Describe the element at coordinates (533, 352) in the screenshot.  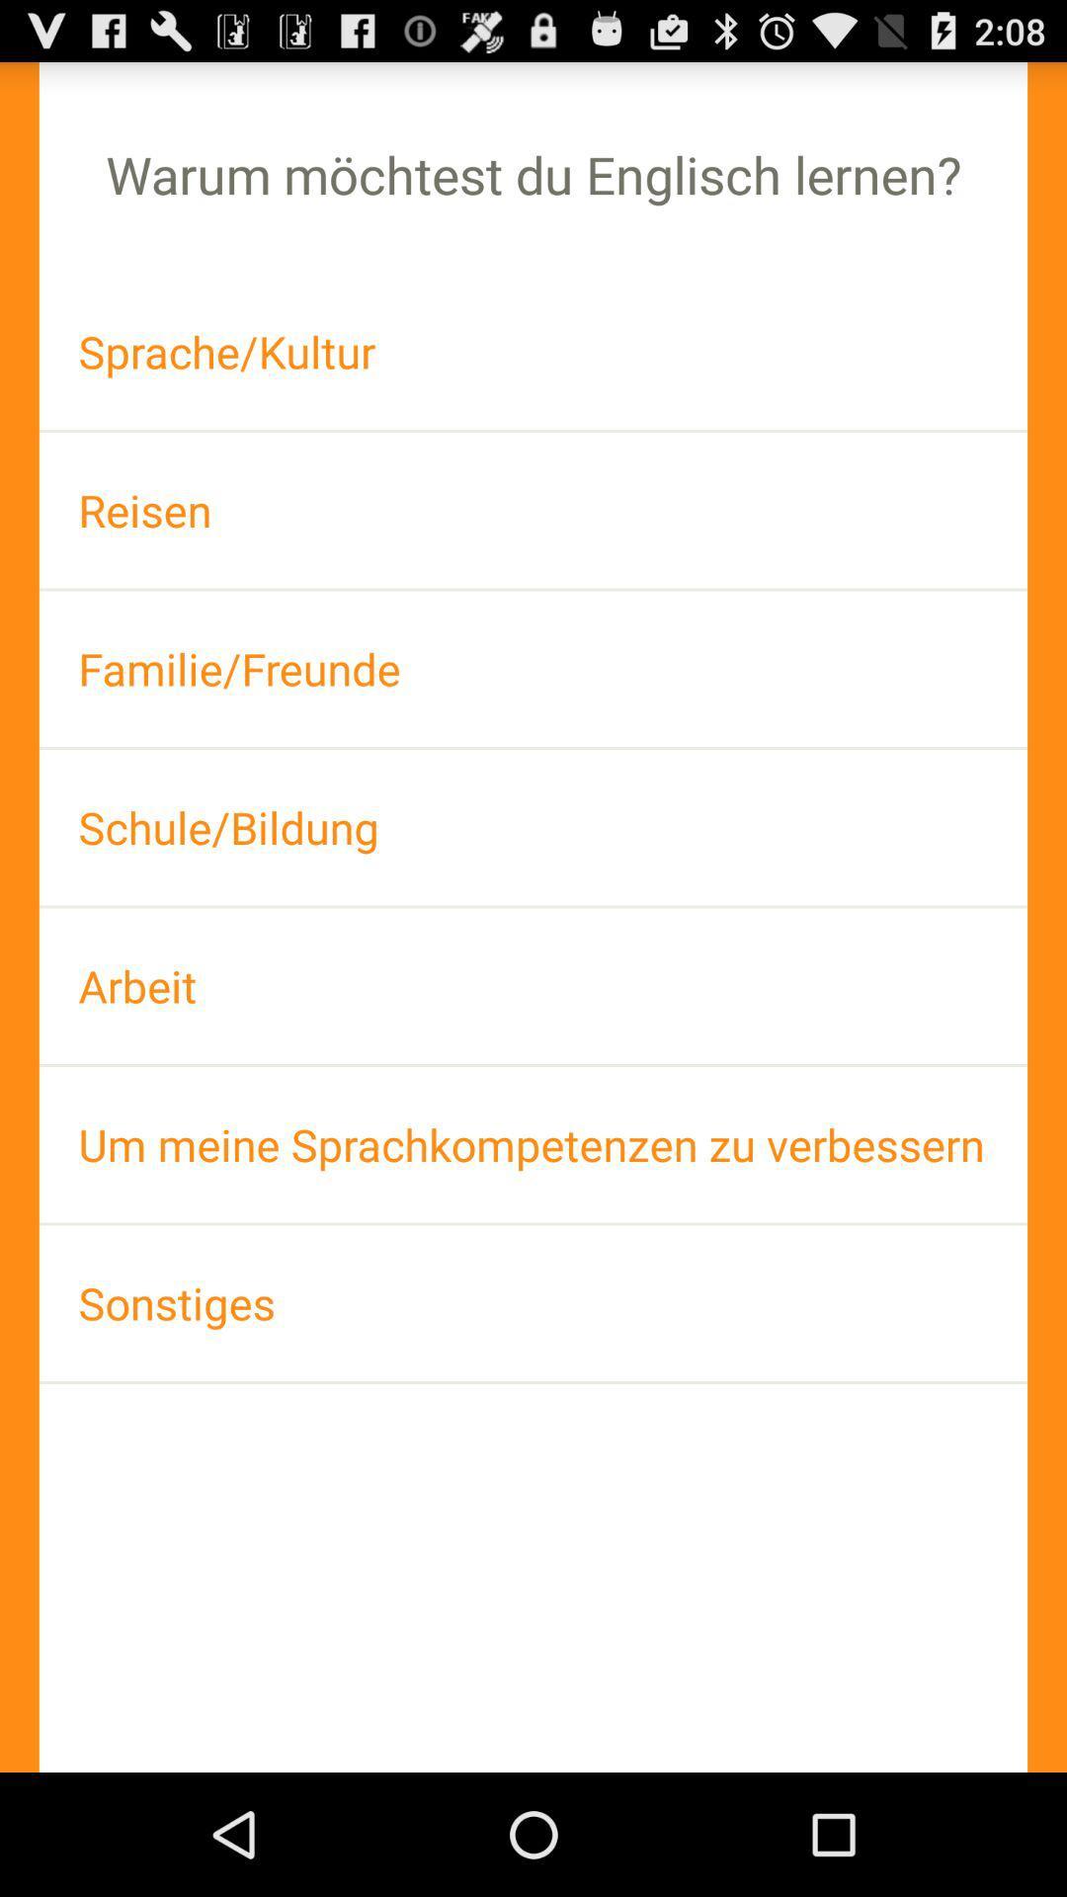
I see `the sprache/kultur` at that location.